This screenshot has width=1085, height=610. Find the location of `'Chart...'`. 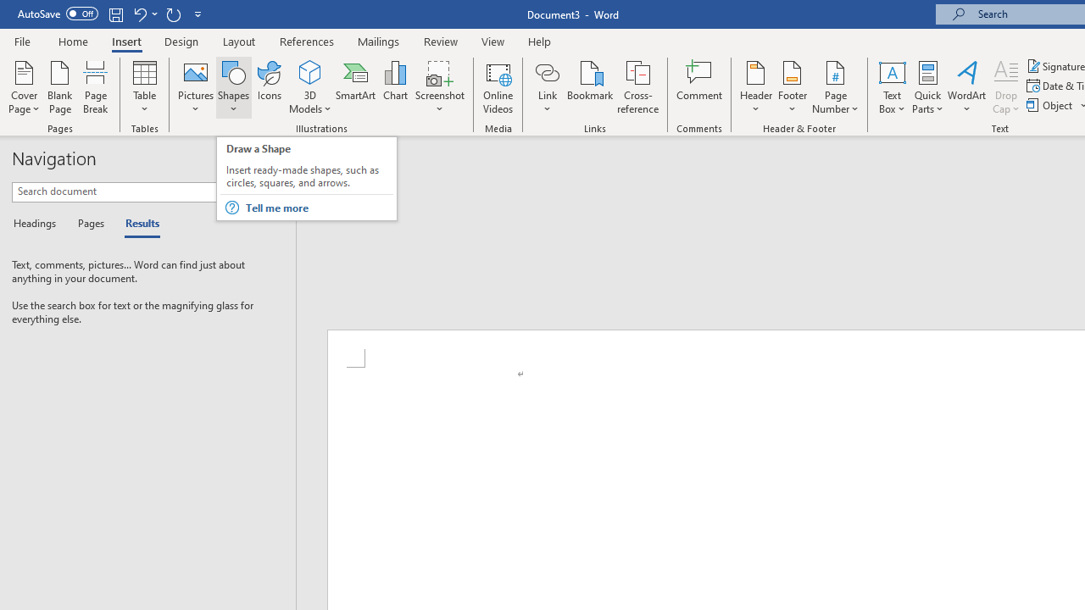

'Chart...' is located at coordinates (394, 87).